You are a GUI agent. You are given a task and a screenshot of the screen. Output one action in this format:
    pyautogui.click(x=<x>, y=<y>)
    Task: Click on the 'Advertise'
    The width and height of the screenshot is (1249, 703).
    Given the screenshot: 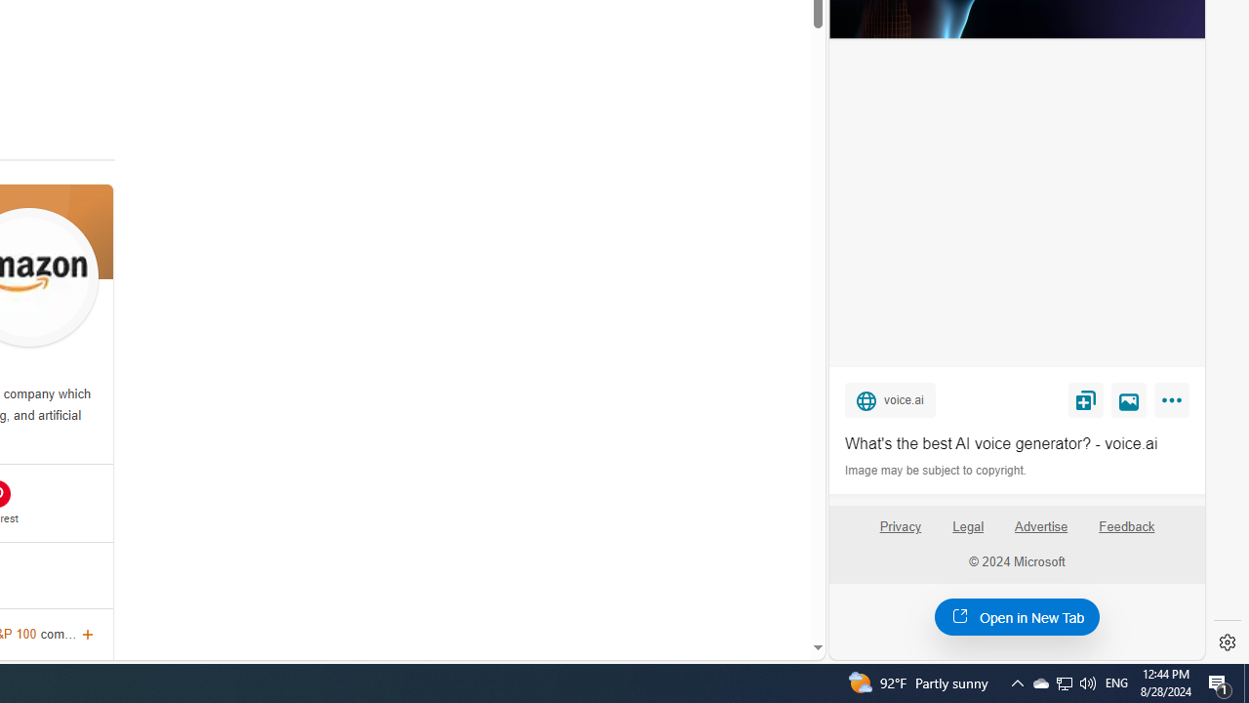 What is the action you would take?
    pyautogui.click(x=1039, y=525)
    